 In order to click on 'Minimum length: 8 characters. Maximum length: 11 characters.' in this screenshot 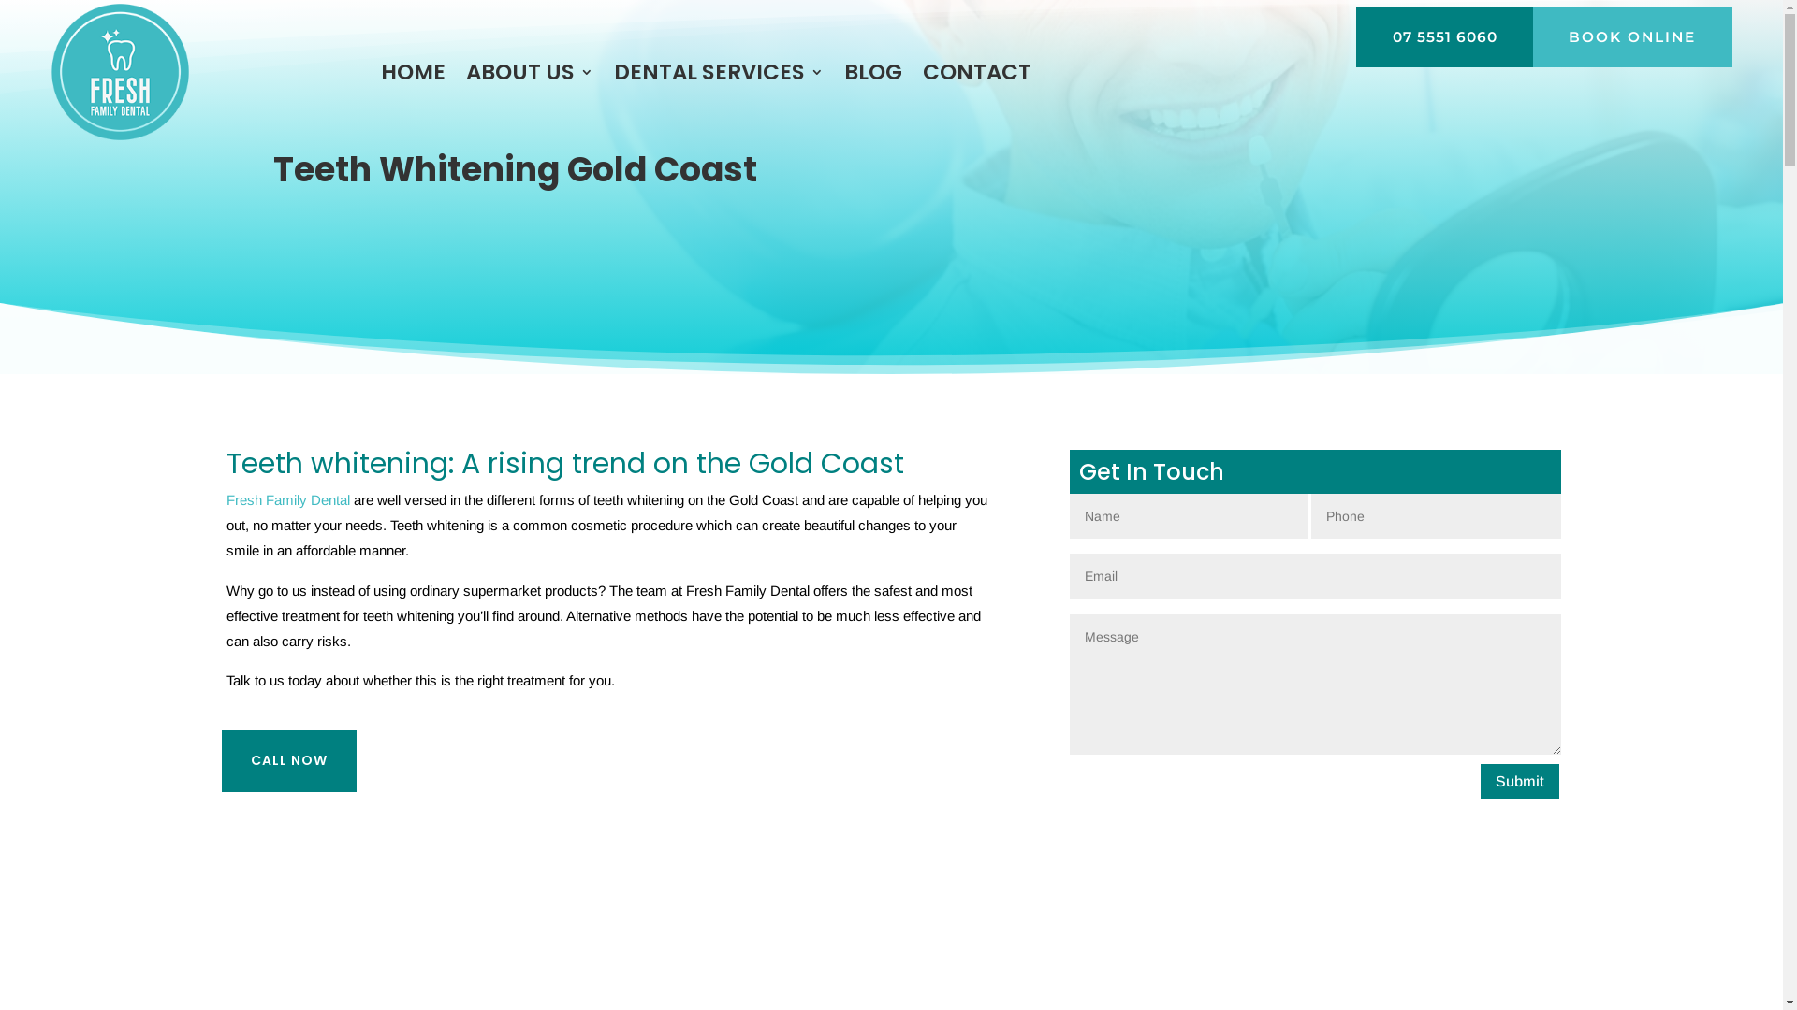, I will do `click(1436, 515)`.